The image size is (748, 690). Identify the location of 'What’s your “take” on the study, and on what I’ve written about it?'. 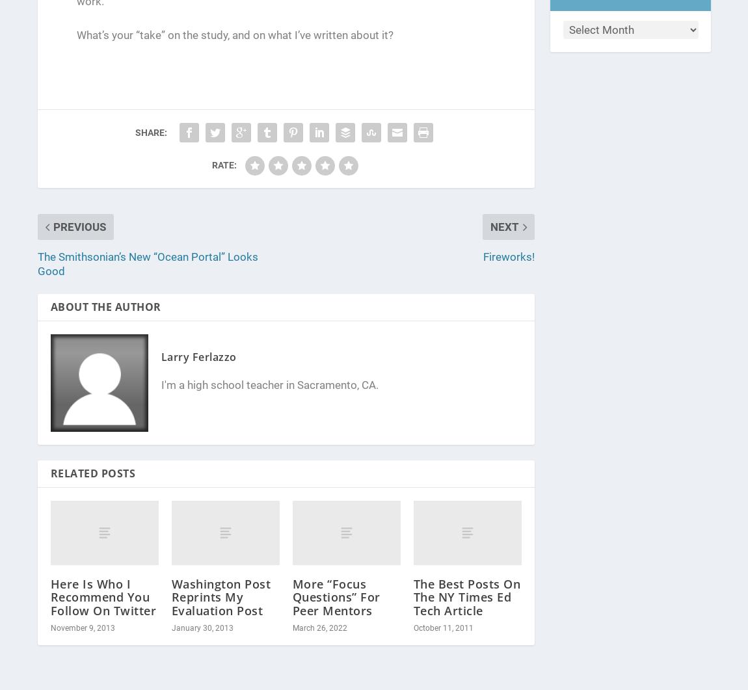
(234, 35).